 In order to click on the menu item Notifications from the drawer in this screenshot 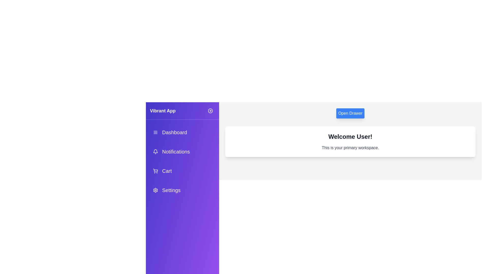, I will do `click(182, 151)`.